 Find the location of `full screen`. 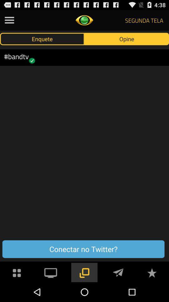

full screen is located at coordinates (50, 272).